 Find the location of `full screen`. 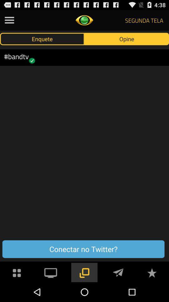

full screen is located at coordinates (50, 272).